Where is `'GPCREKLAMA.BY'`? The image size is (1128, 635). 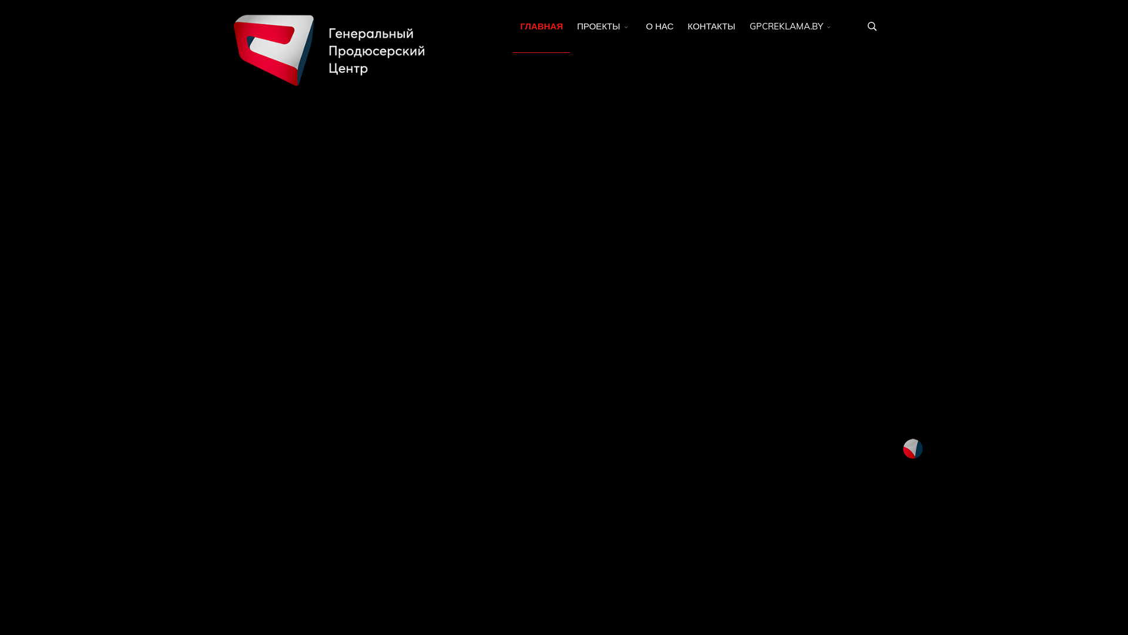
'GPCREKLAMA.BY' is located at coordinates (792, 26).